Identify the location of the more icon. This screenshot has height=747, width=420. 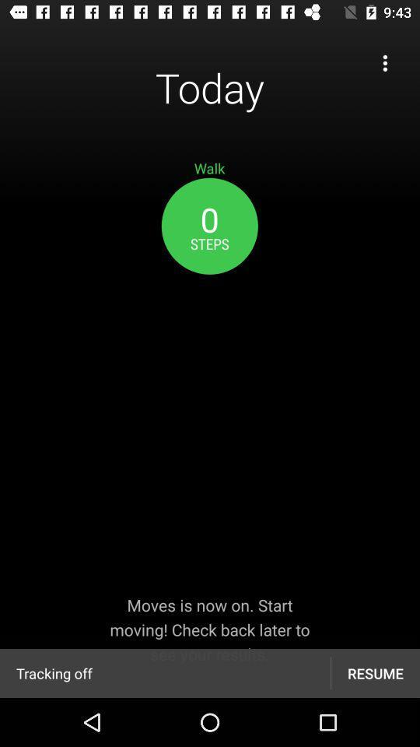
(384, 63).